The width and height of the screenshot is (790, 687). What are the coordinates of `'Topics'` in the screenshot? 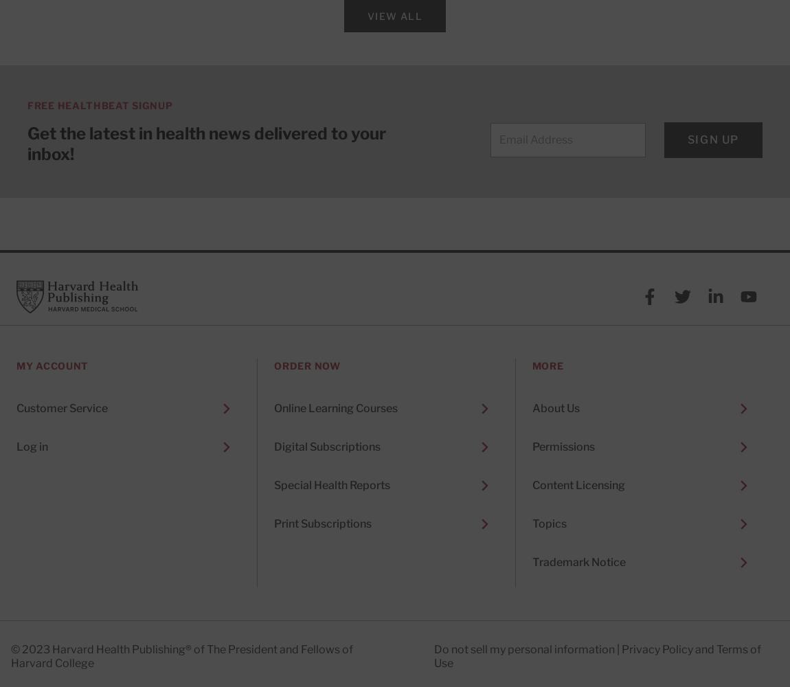 It's located at (548, 523).